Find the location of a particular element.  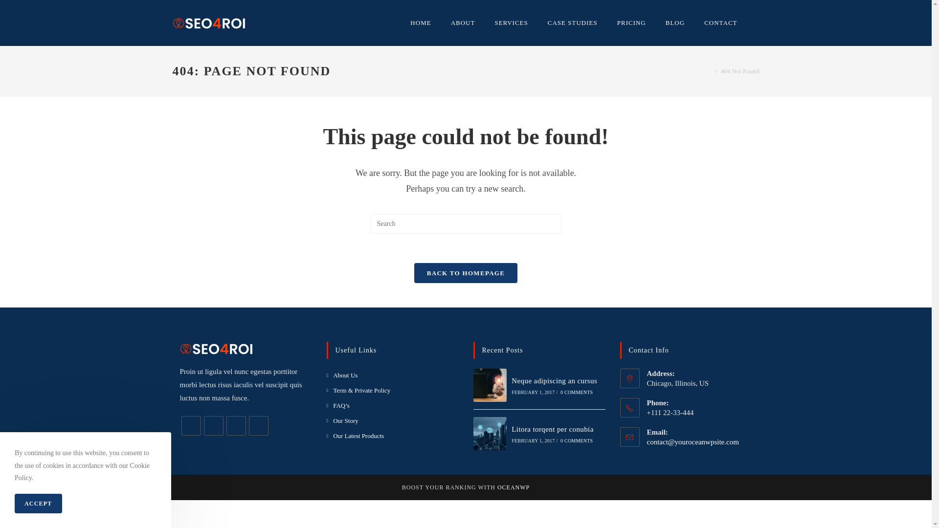

'Our Story' is located at coordinates (342, 420).